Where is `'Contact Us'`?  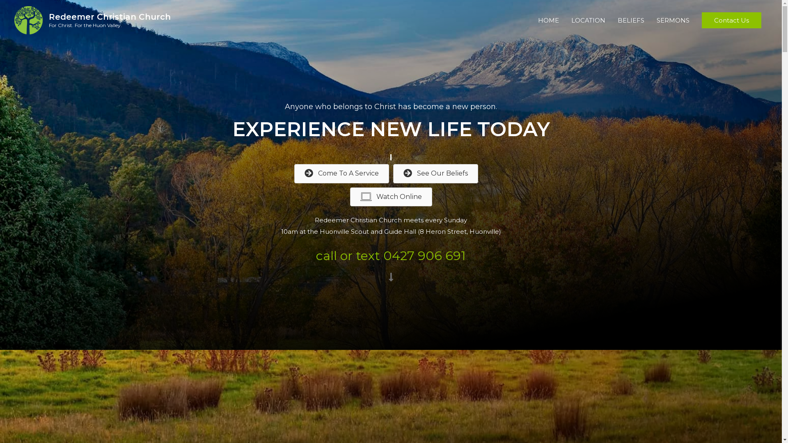 'Contact Us' is located at coordinates (731, 20).